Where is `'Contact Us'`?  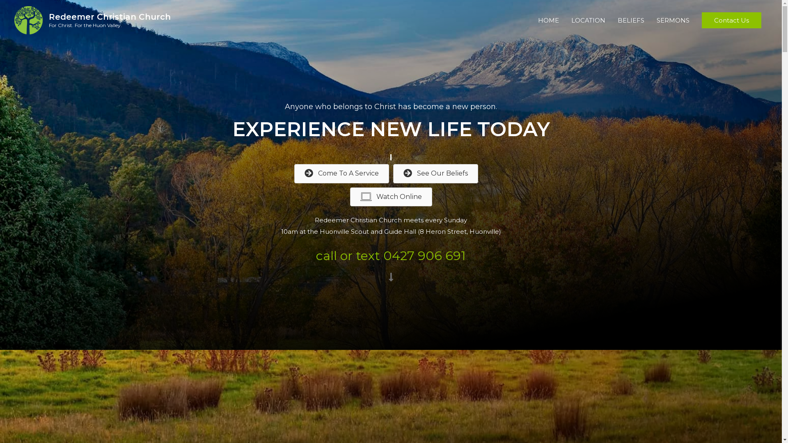 'Contact Us' is located at coordinates (731, 20).